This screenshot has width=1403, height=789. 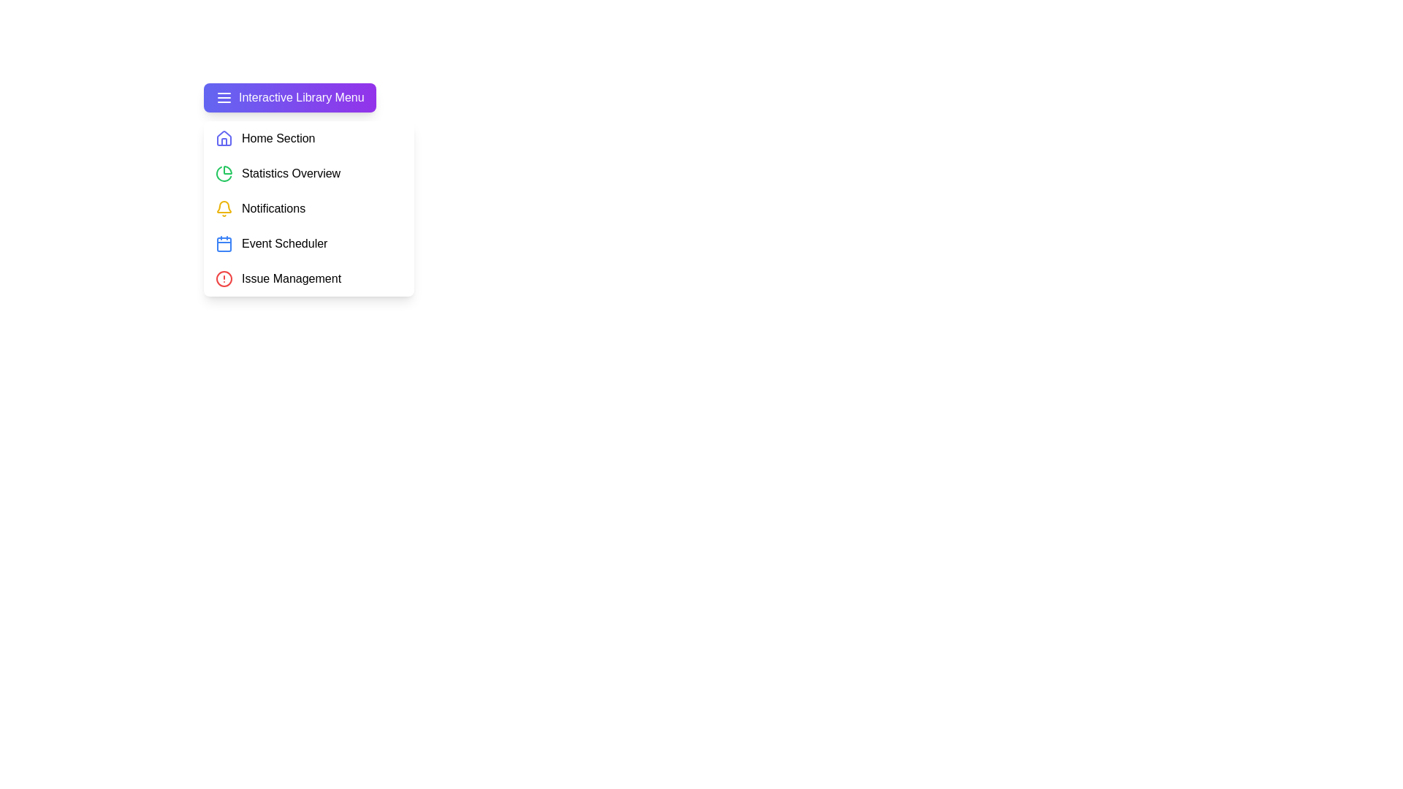 What do you see at coordinates (308, 138) in the screenshot?
I see `the menu item Home Section` at bounding box center [308, 138].